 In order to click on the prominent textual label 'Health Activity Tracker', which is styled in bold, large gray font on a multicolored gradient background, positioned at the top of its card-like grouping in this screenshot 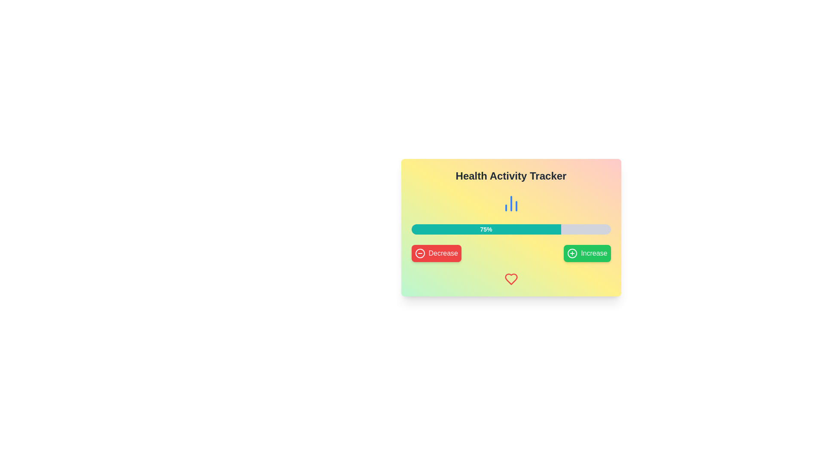, I will do `click(511, 175)`.